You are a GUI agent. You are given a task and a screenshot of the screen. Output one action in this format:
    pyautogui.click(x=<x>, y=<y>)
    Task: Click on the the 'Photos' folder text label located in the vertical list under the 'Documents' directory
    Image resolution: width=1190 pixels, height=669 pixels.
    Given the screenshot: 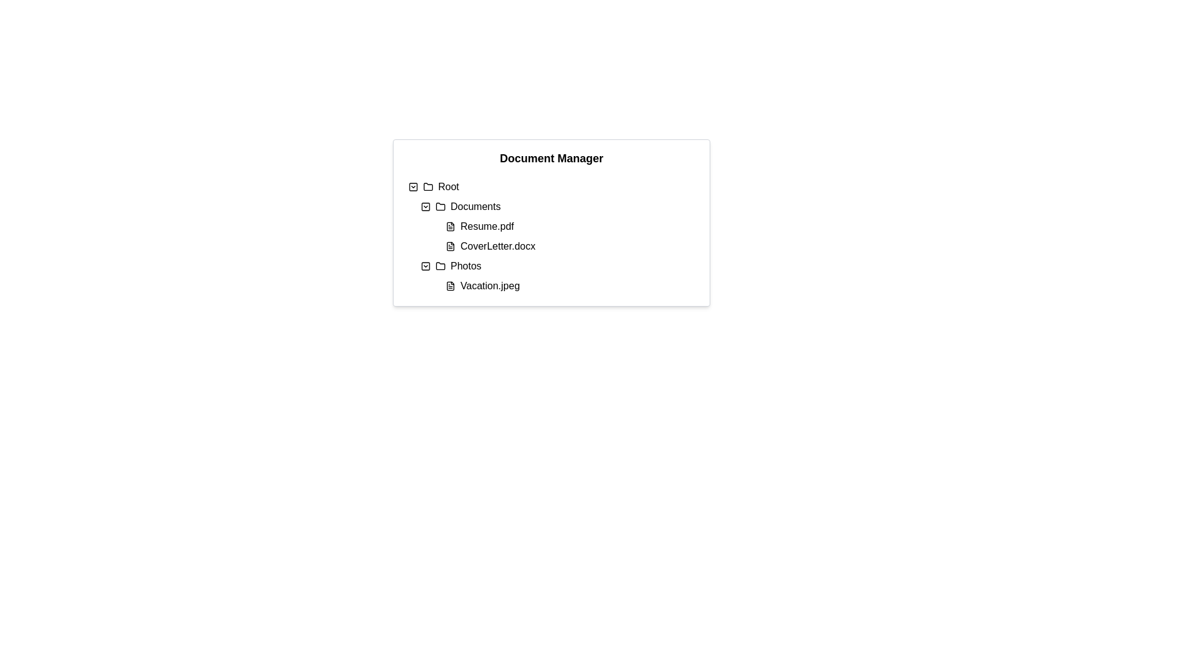 What is the action you would take?
    pyautogui.click(x=465, y=265)
    